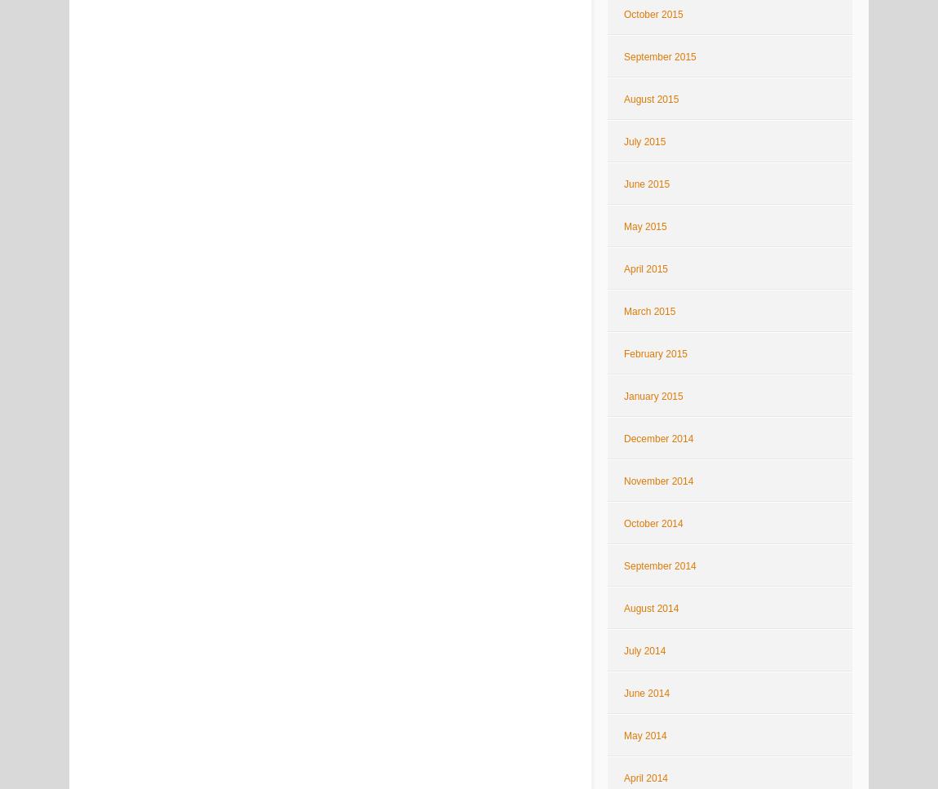  I want to click on 'October 2014', so click(652, 522).